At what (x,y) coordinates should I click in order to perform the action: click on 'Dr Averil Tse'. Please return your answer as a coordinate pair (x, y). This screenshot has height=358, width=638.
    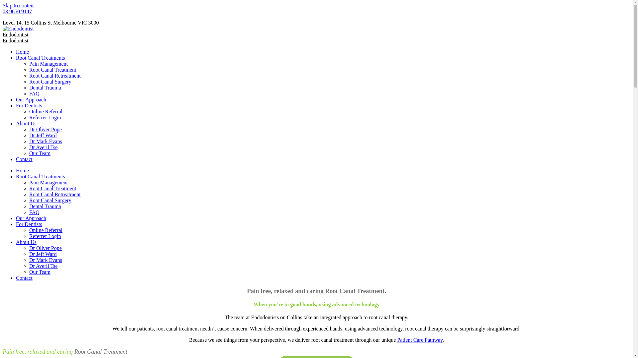
    Looking at the image, I should click on (43, 147).